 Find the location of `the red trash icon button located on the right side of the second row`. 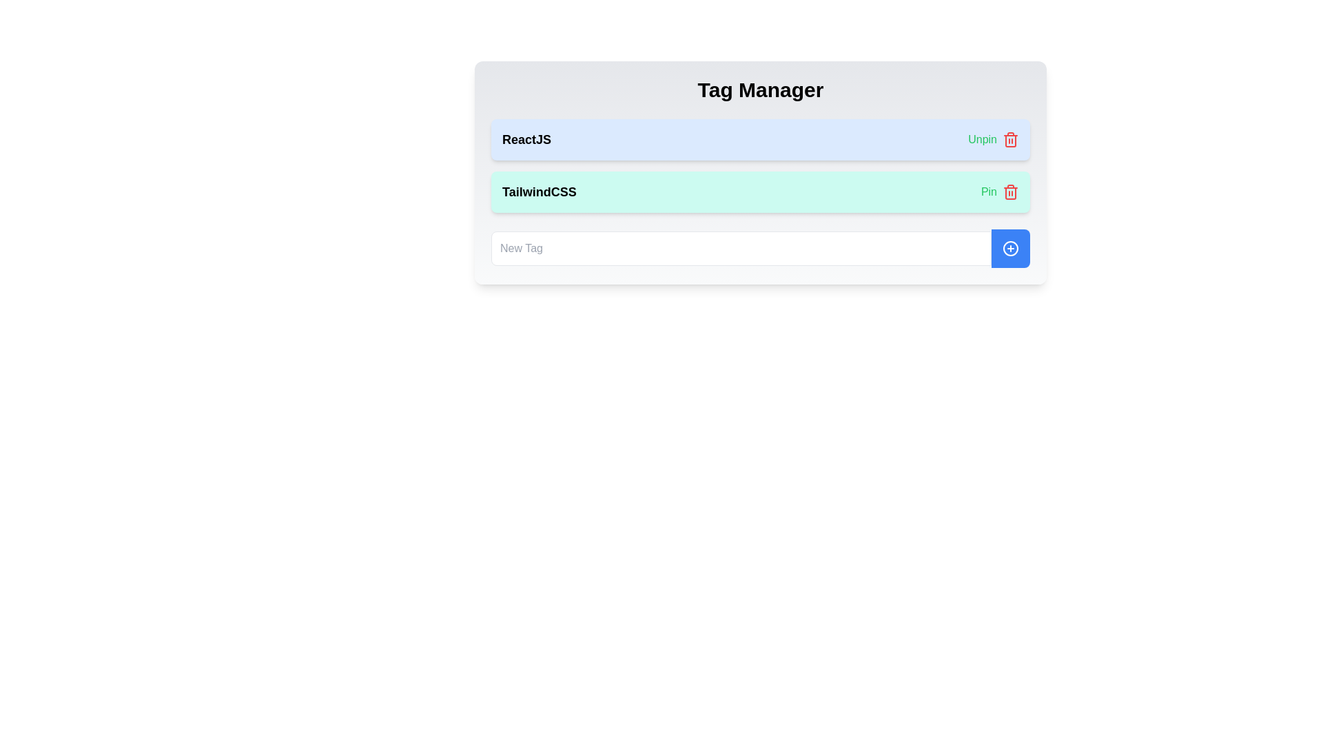

the red trash icon button located on the right side of the second row is located at coordinates (1011, 192).